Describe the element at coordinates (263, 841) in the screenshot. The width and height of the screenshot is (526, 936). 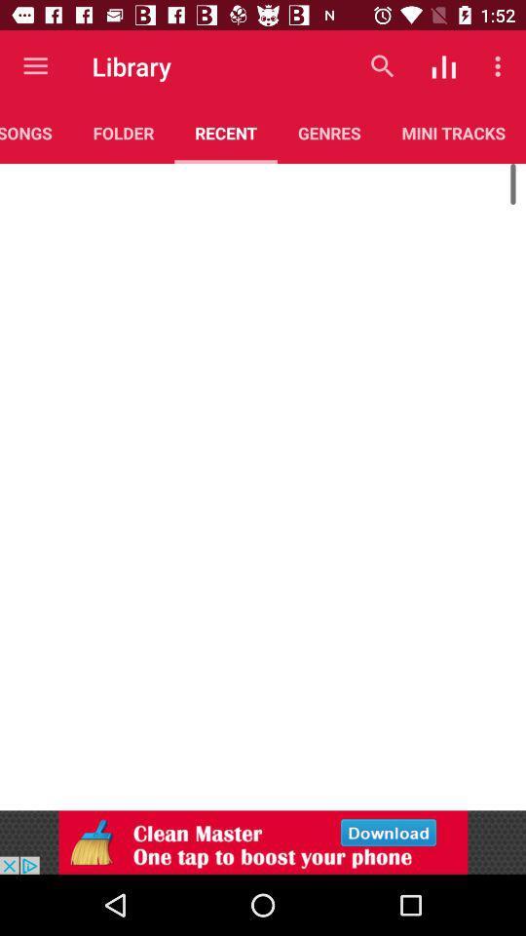
I see `advertisement website` at that location.